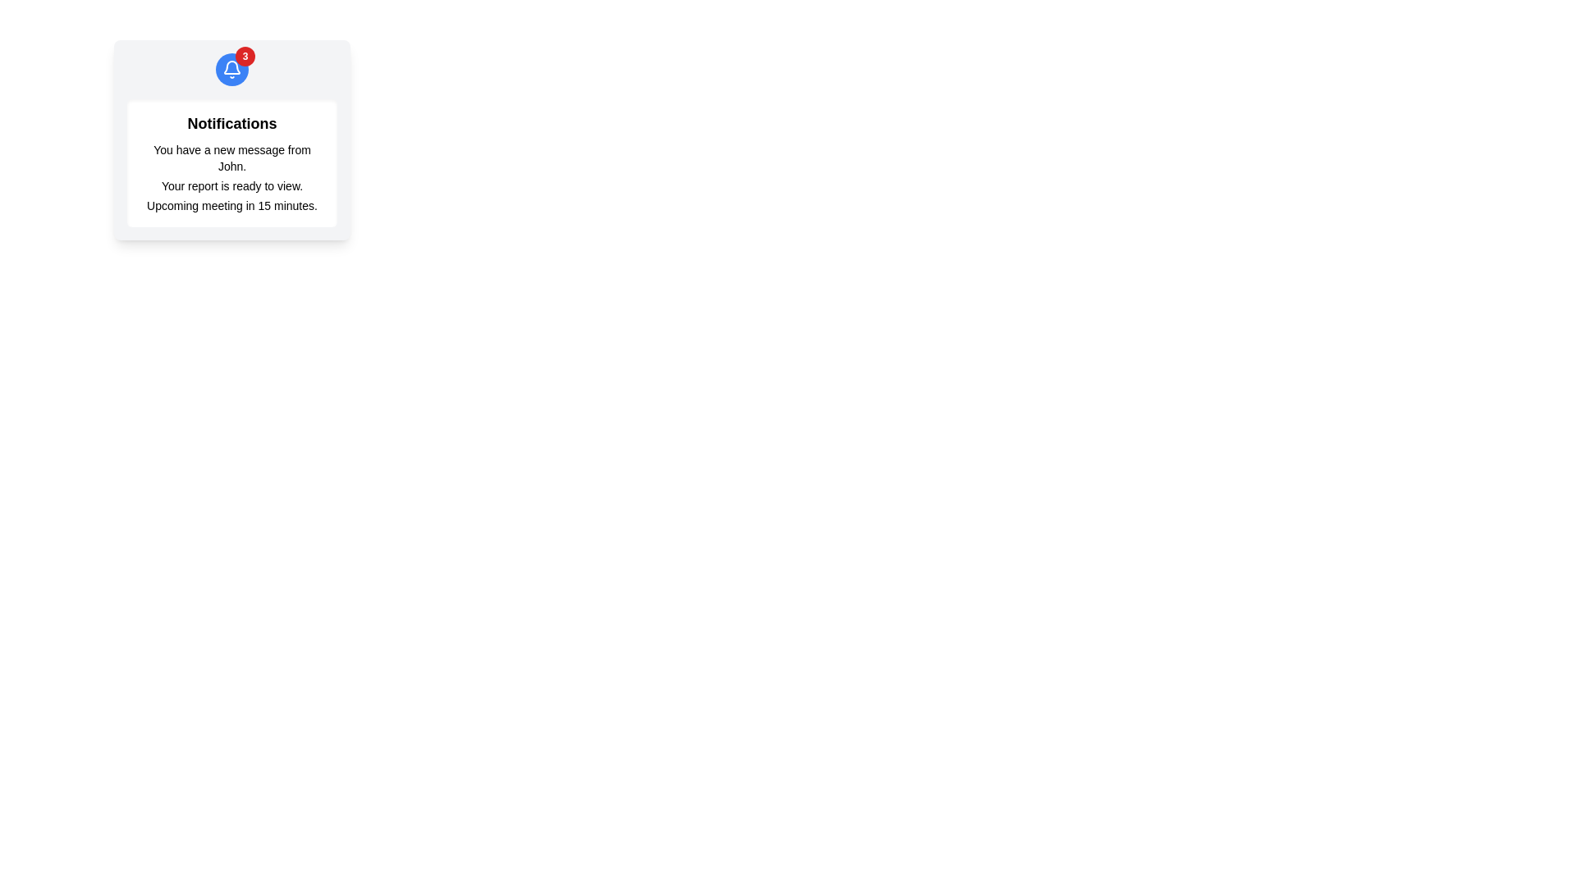  Describe the element at coordinates (231, 68) in the screenshot. I see `the notification button located at the top center of the notification card` at that location.